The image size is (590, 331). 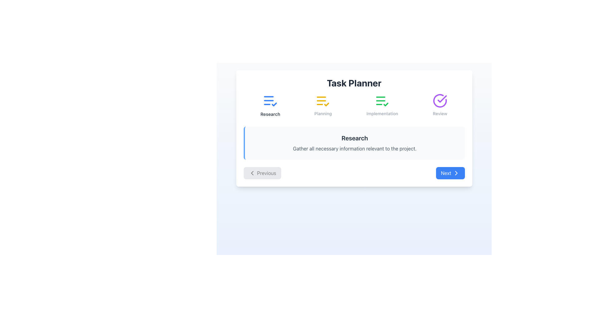 What do you see at coordinates (440, 113) in the screenshot?
I see `the static text label indicating the 'Review' phase in the task planning process, located under the purple circular checkmark icon` at bounding box center [440, 113].